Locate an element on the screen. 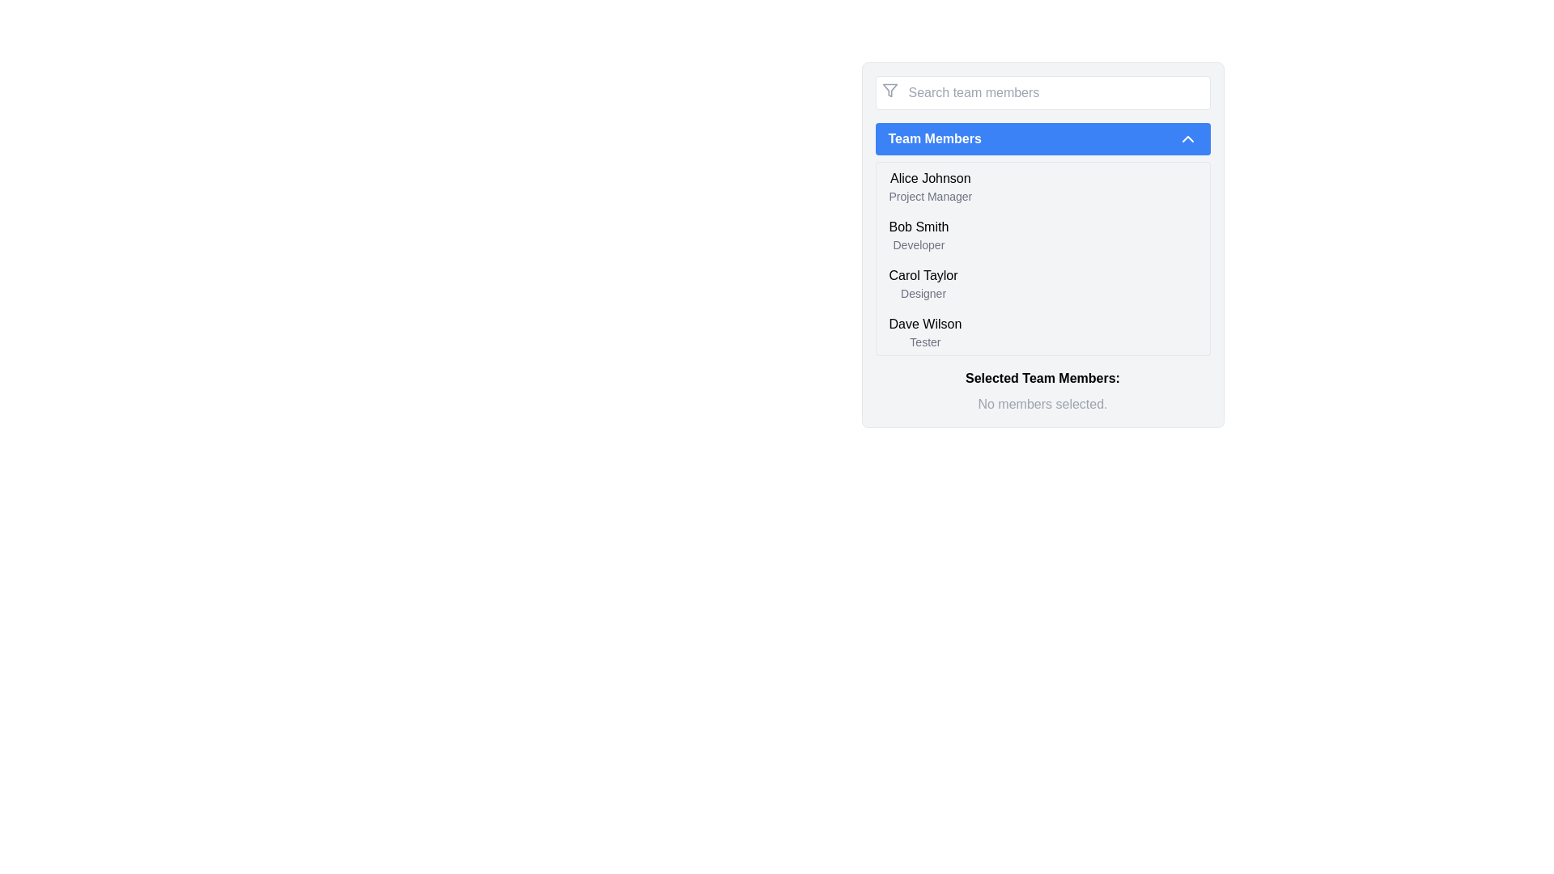 The width and height of the screenshot is (1554, 874). the text label 'Developer' located directly below 'Bob Smith' in the 'Team Members' list is located at coordinates (919, 245).